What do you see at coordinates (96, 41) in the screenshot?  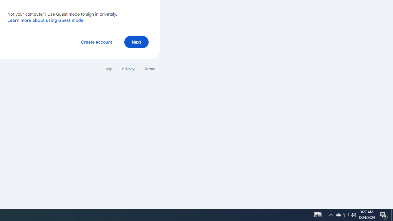 I see `'Create account'` at bounding box center [96, 41].